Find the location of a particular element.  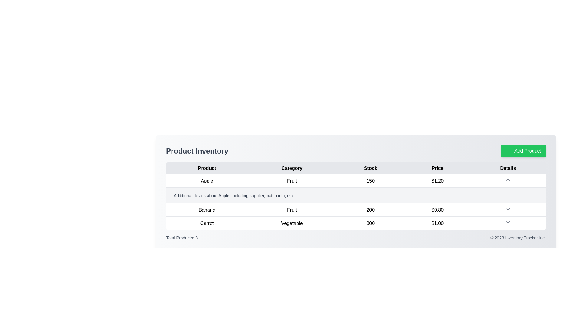

the 'Product Inventory' text label displayed in bold and large gray font, located at the top left of the navigation bar is located at coordinates (197, 150).